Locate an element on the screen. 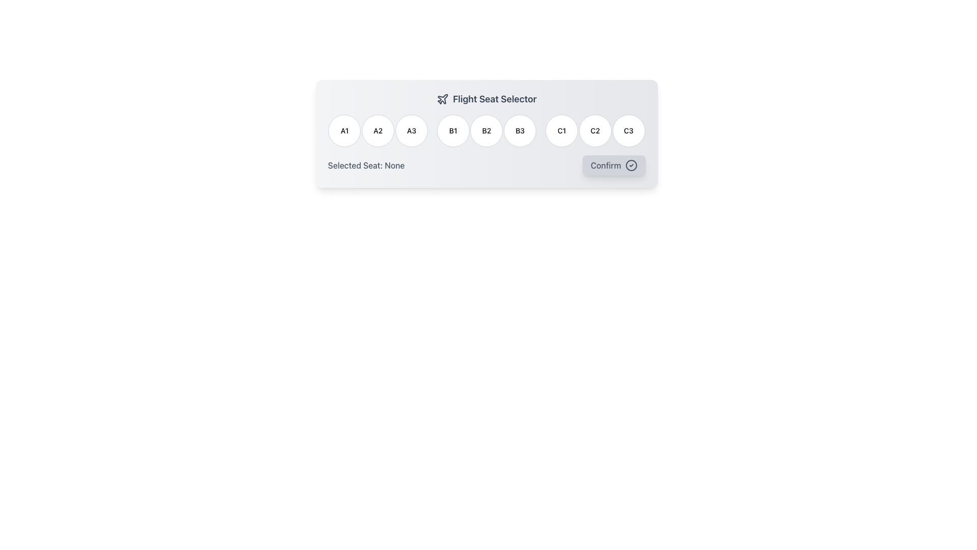 The image size is (977, 550). text content of the Static Text Label displaying 'Selected Seat: None' located in the 'Flight Seat Selector' section is located at coordinates (366, 164).